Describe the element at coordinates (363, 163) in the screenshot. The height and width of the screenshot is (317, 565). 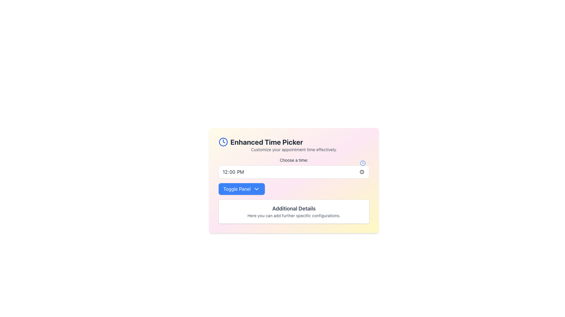
I see `the SVG Circle Element that resembles a clock symbol, located at the center of the clock icon in the upper right corner of the 'Choose a time:' label section` at that location.